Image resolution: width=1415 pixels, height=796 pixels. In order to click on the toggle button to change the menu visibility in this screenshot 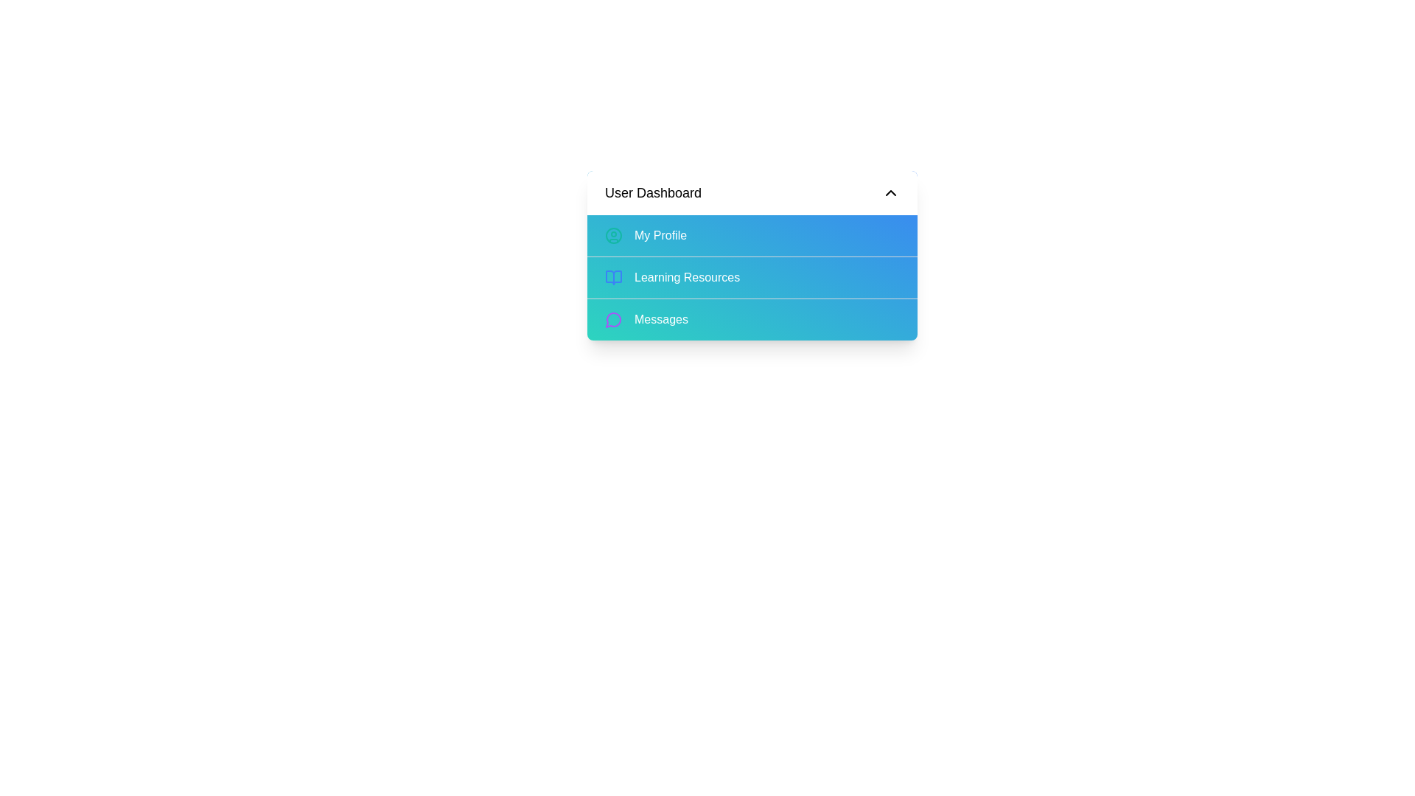, I will do `click(752, 192)`.